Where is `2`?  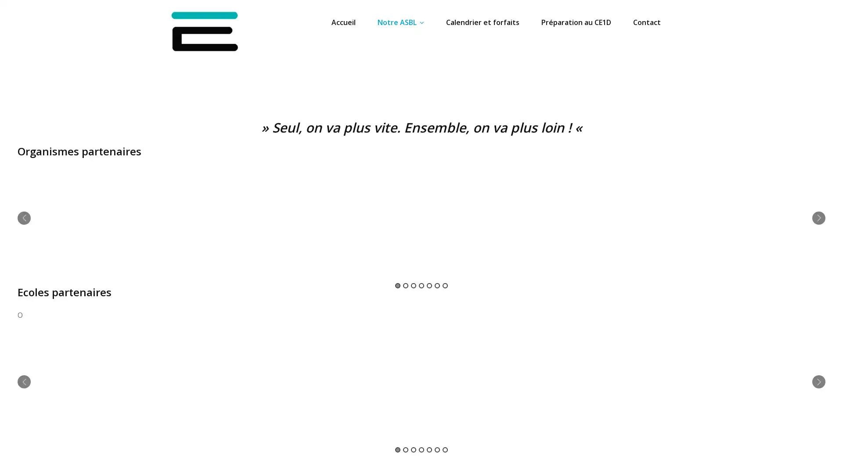
2 is located at coordinates (405, 449).